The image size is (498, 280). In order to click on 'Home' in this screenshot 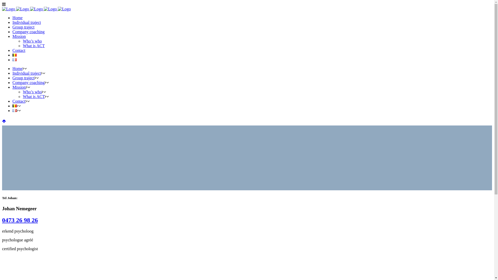, I will do `click(17, 68)`.